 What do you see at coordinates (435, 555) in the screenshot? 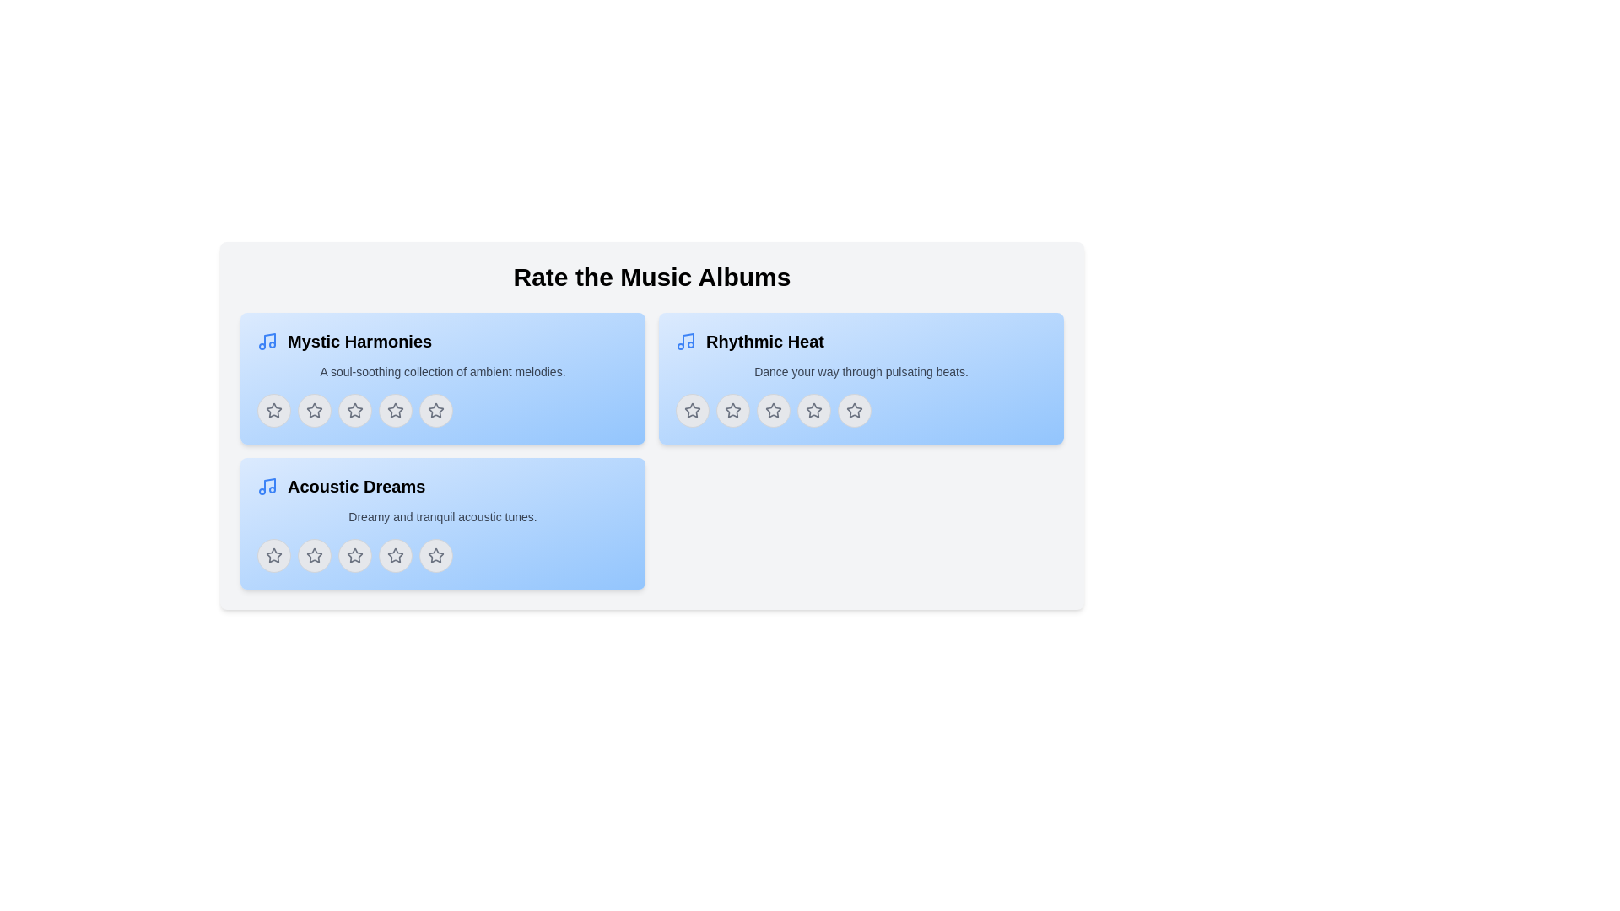
I see `the fifth rating star icon for the 'Acoustic Dreams' album` at bounding box center [435, 555].